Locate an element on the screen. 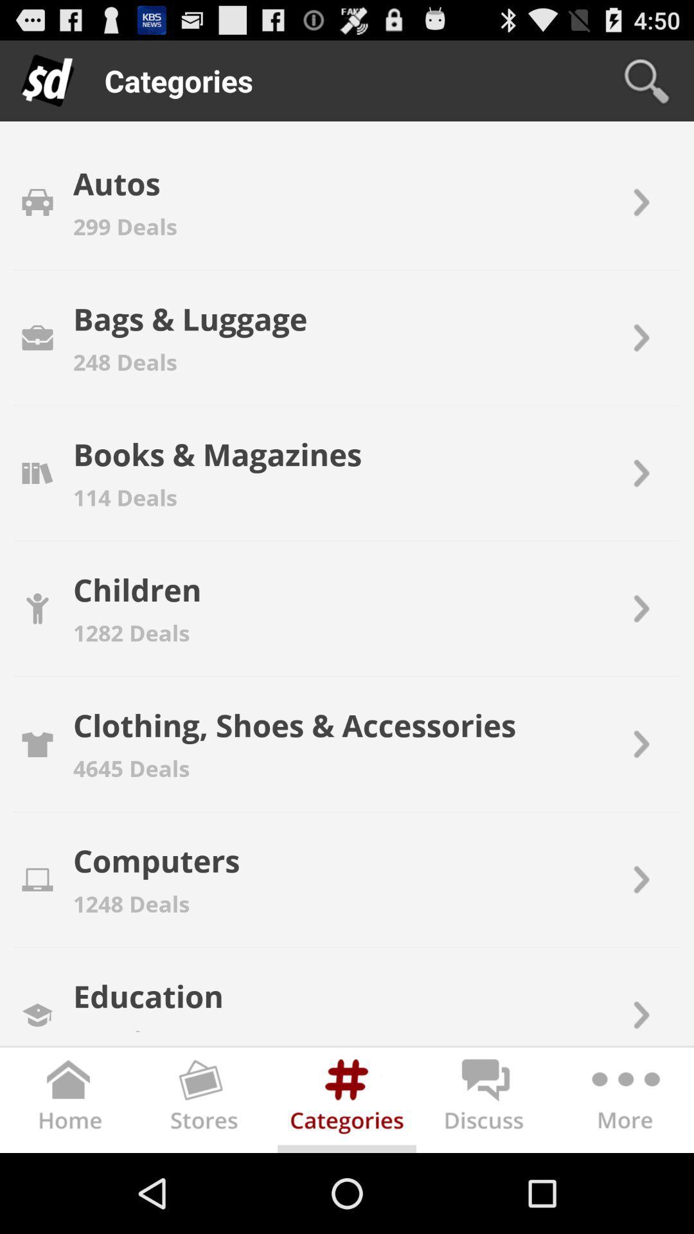 This screenshot has width=694, height=1234. go home is located at coordinates (69, 1102).